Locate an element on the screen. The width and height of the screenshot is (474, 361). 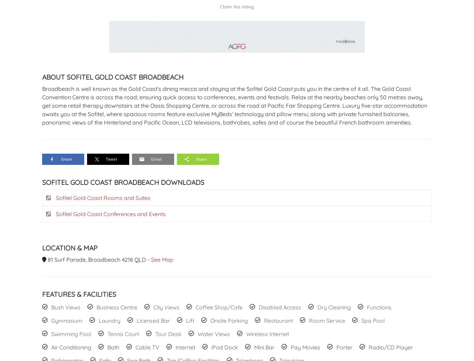
'Restaurant' is located at coordinates (278, 320).